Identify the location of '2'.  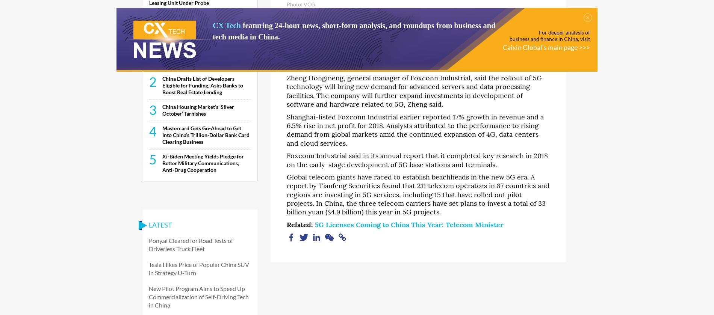
(148, 81).